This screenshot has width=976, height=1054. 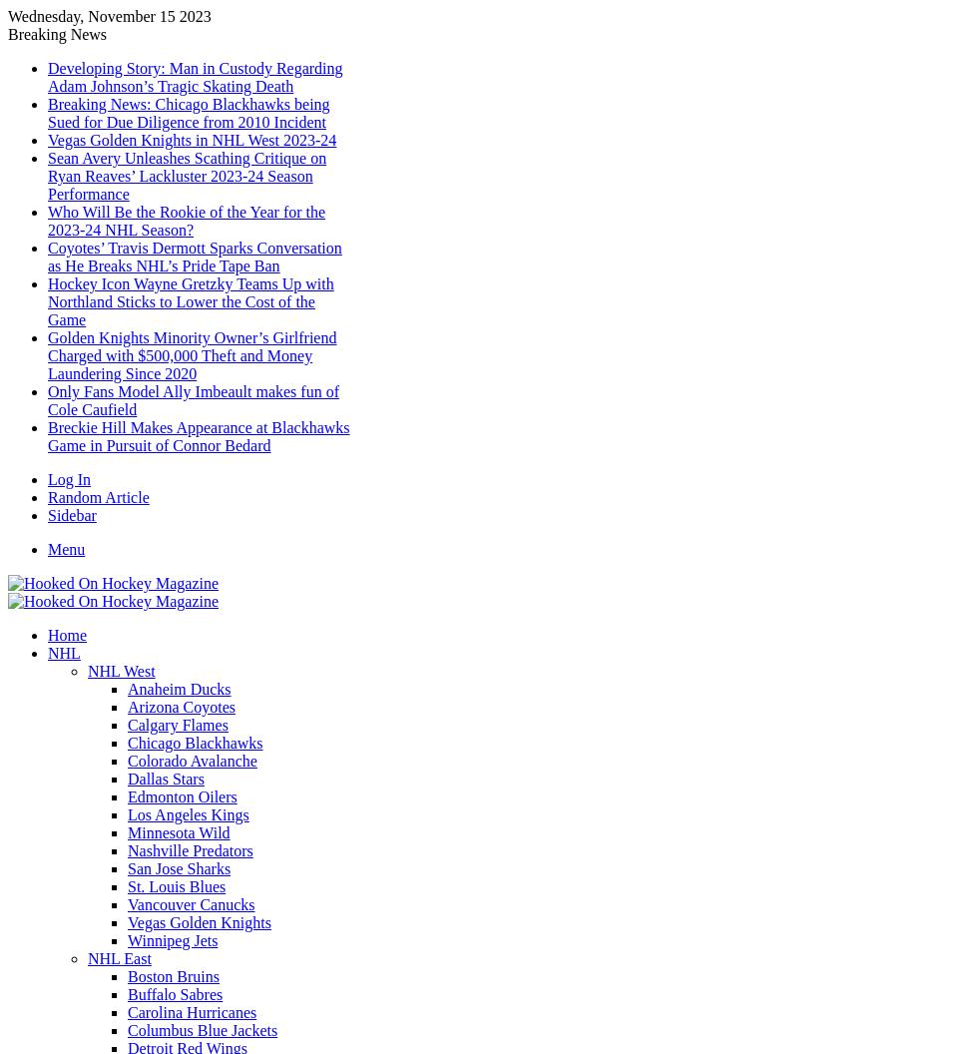 I want to click on 'Anaheim Ducks', so click(x=128, y=689).